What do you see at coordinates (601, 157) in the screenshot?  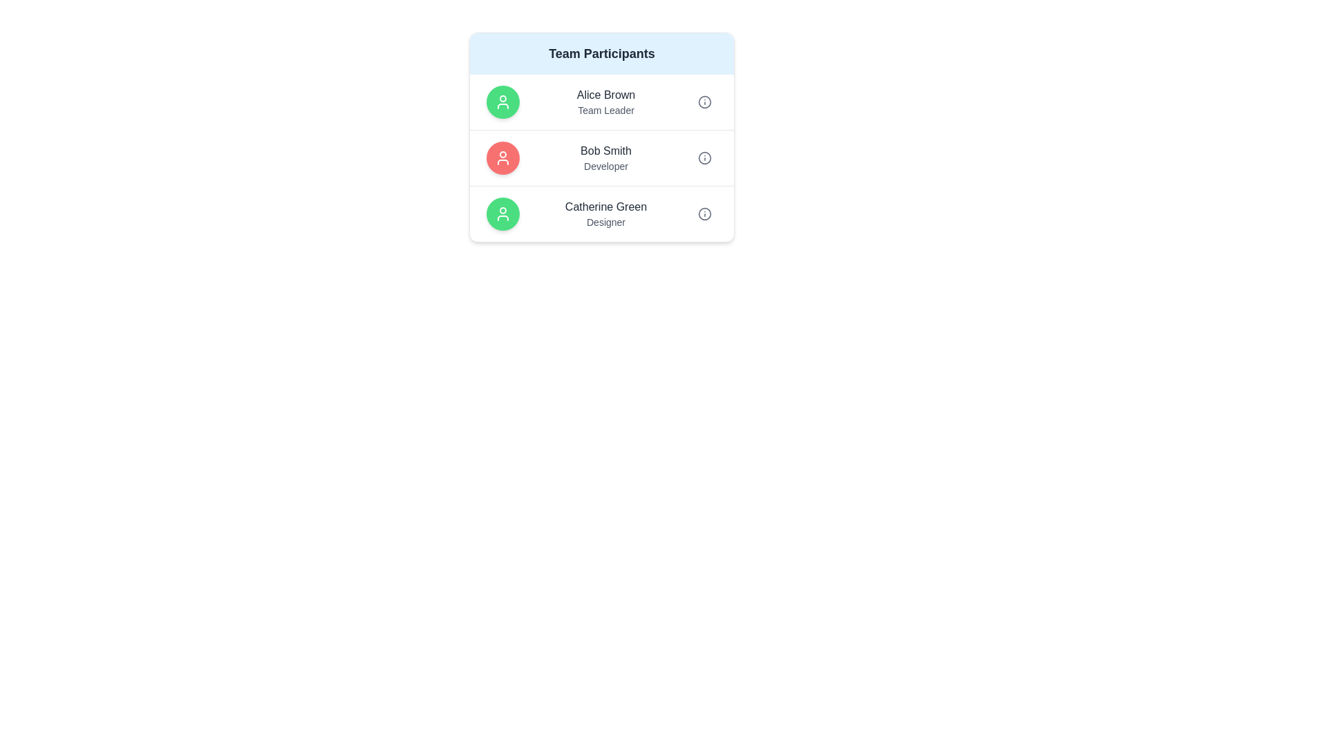 I see `the name of the second participant` at bounding box center [601, 157].